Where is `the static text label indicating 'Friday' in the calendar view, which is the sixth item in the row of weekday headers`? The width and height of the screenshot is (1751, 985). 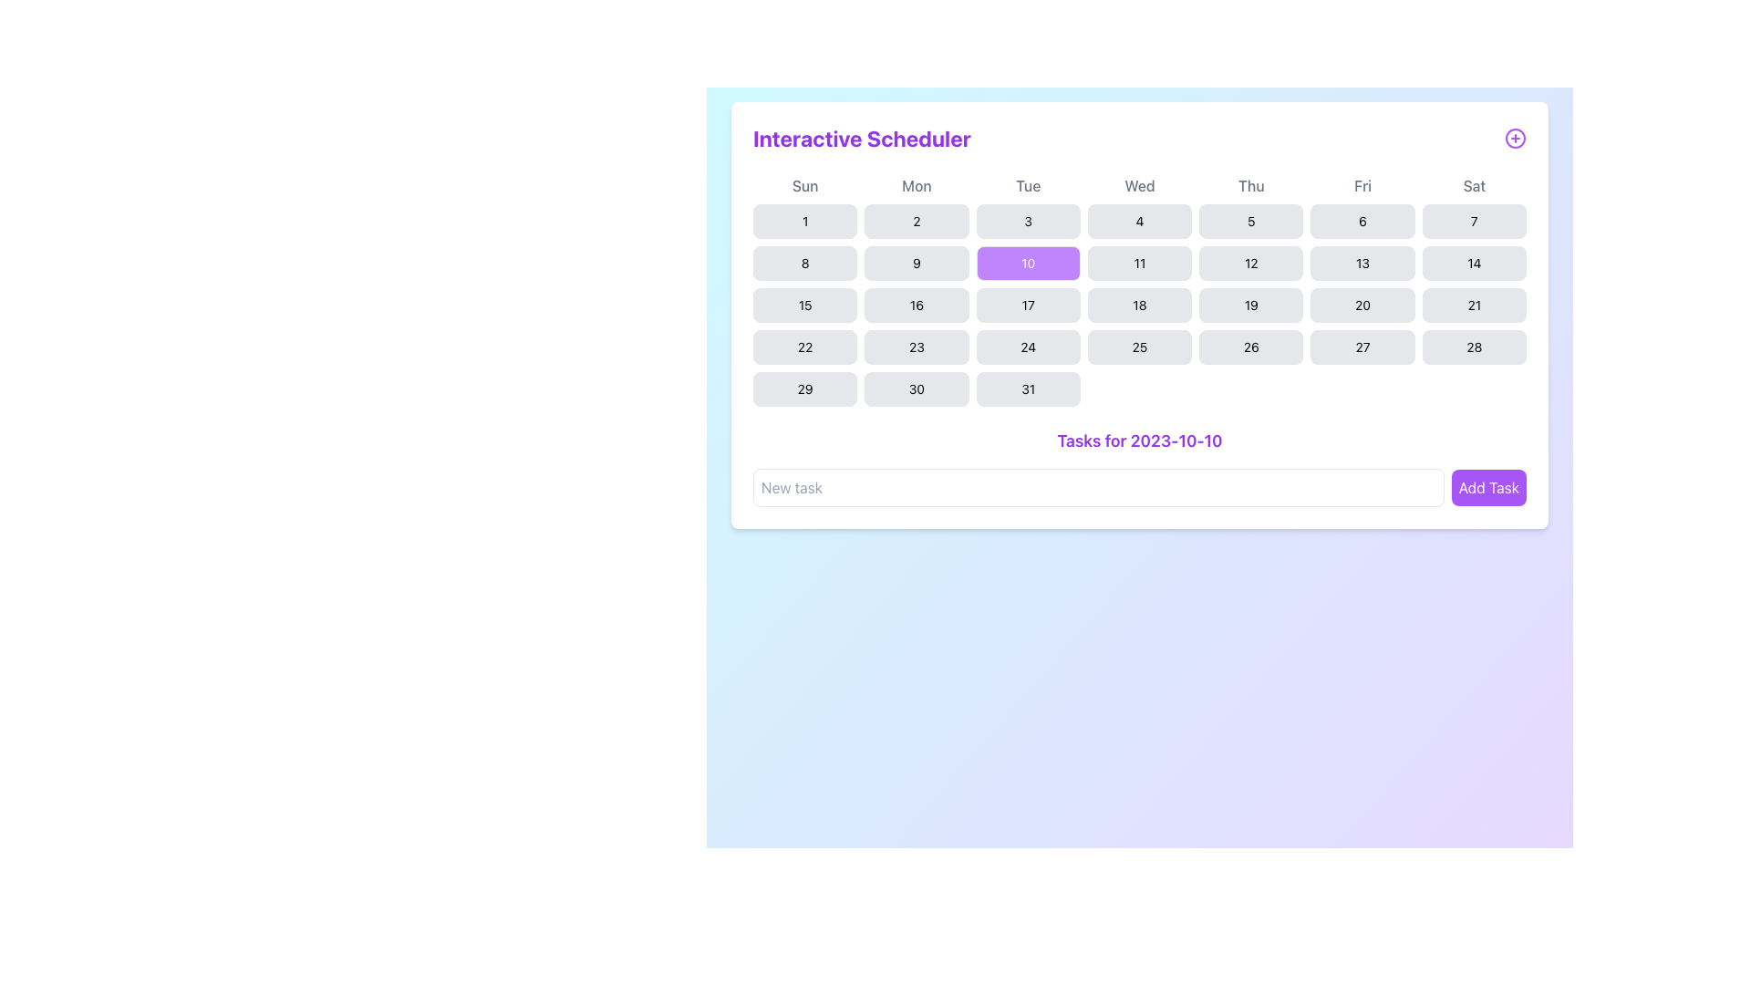
the static text label indicating 'Friday' in the calendar view, which is the sixth item in the row of weekday headers is located at coordinates (1362, 186).